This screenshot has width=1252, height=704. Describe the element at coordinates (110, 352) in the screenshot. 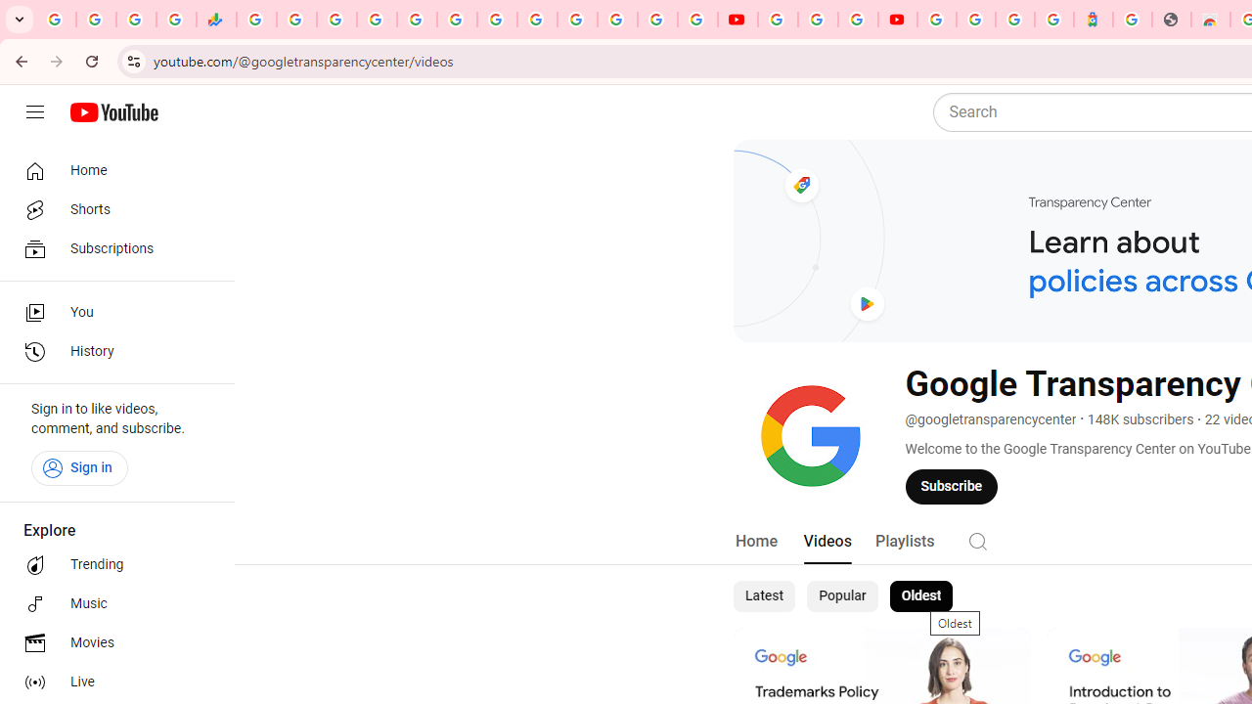

I see `'History'` at that location.